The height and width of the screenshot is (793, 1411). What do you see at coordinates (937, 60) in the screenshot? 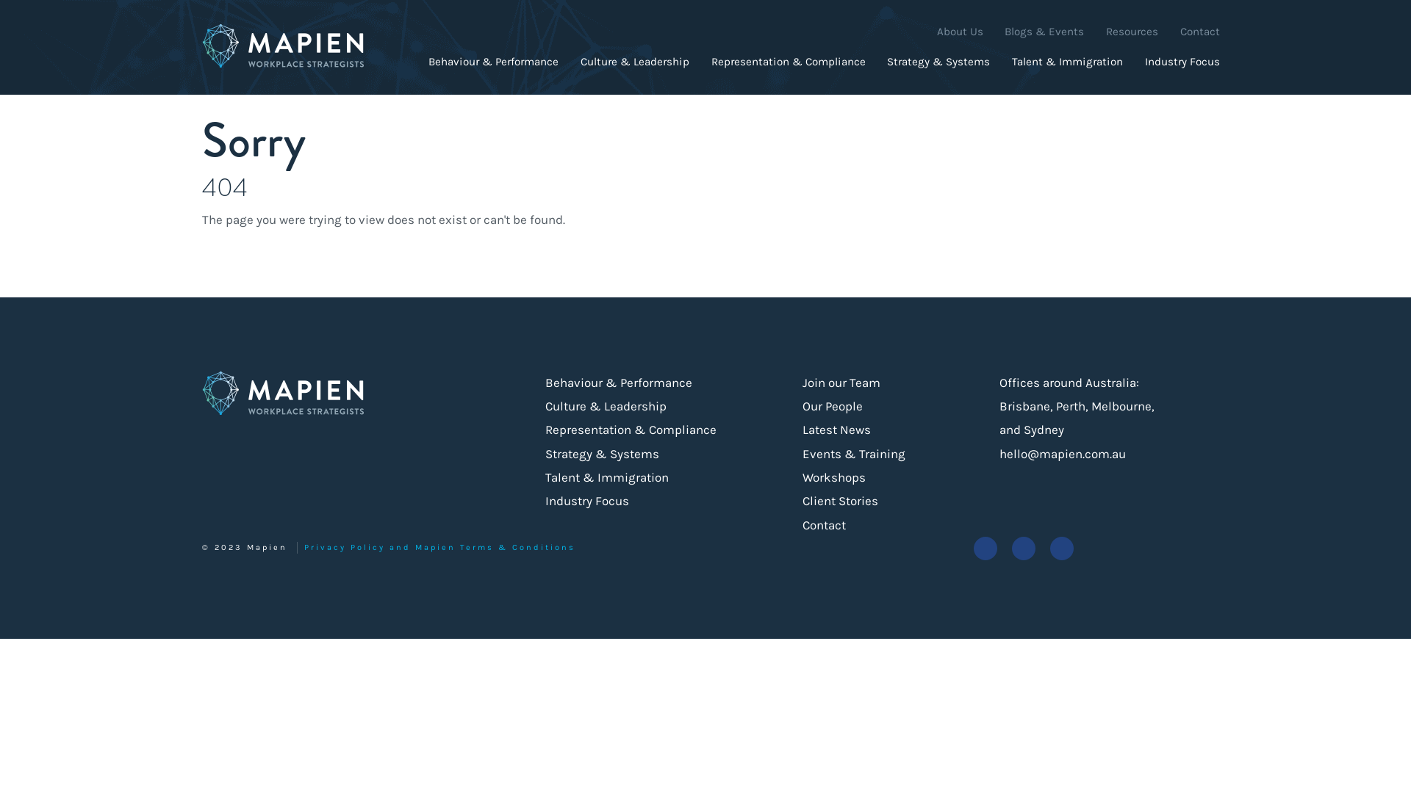
I see `'Strategy & Systems'` at bounding box center [937, 60].